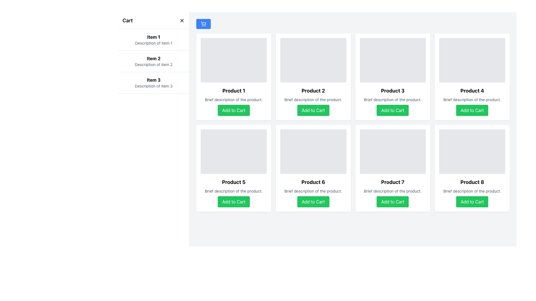 This screenshot has width=536, height=301. Describe the element at coordinates (234, 77) in the screenshot. I see `the 'Product 1' card which features a green 'Add to Cart' button, located in the first column of the first row in the grid layout` at that location.